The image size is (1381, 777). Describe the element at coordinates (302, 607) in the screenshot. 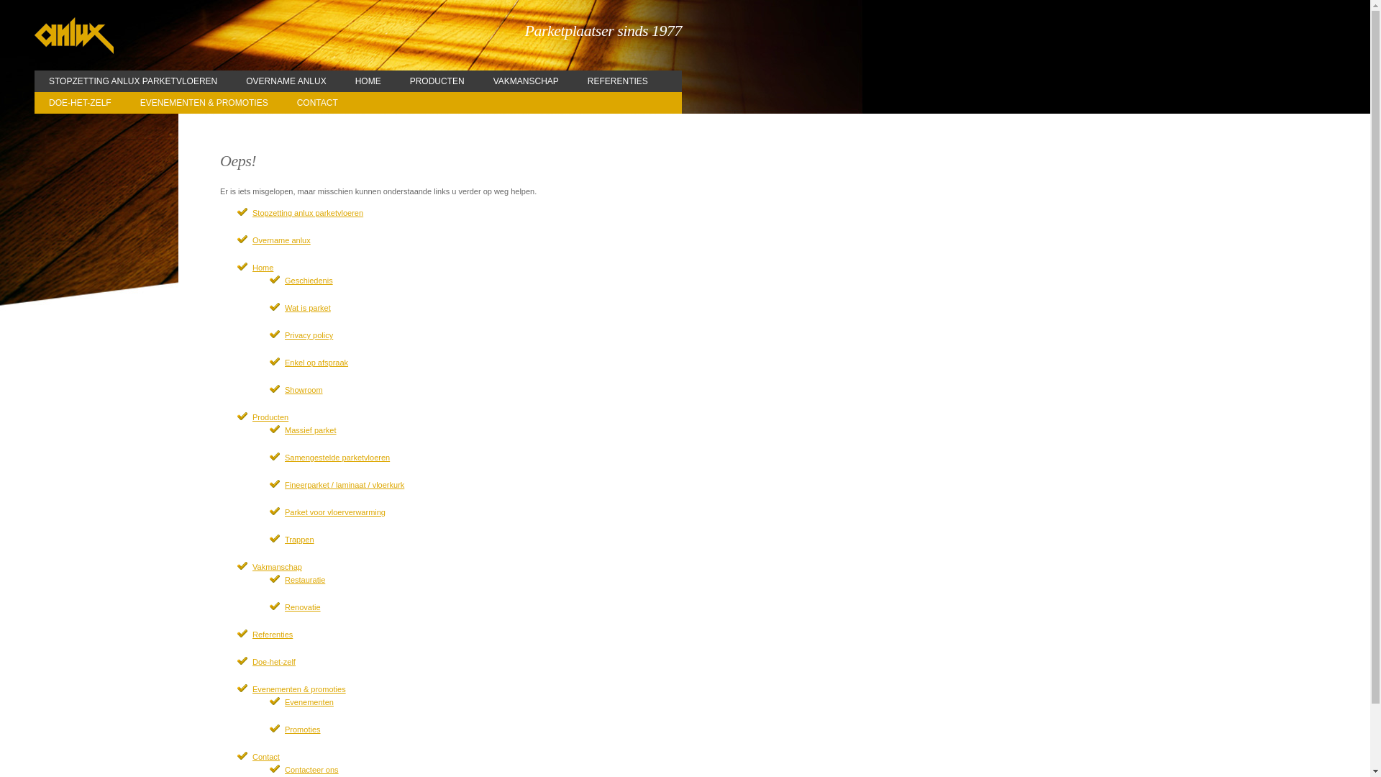

I see `'Renovatie'` at that location.